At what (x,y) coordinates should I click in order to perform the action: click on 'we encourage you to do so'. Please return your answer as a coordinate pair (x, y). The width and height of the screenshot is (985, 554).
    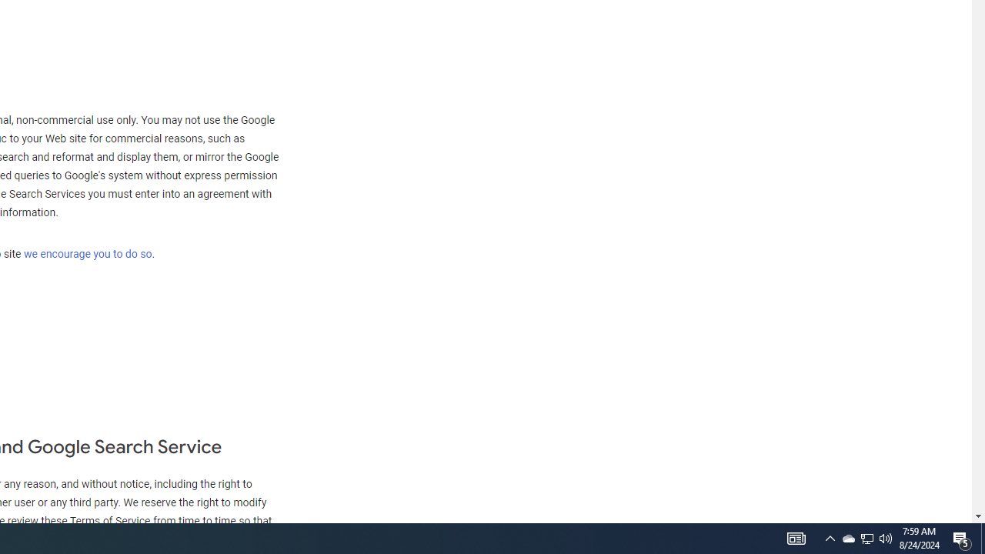
    Looking at the image, I should click on (86, 253).